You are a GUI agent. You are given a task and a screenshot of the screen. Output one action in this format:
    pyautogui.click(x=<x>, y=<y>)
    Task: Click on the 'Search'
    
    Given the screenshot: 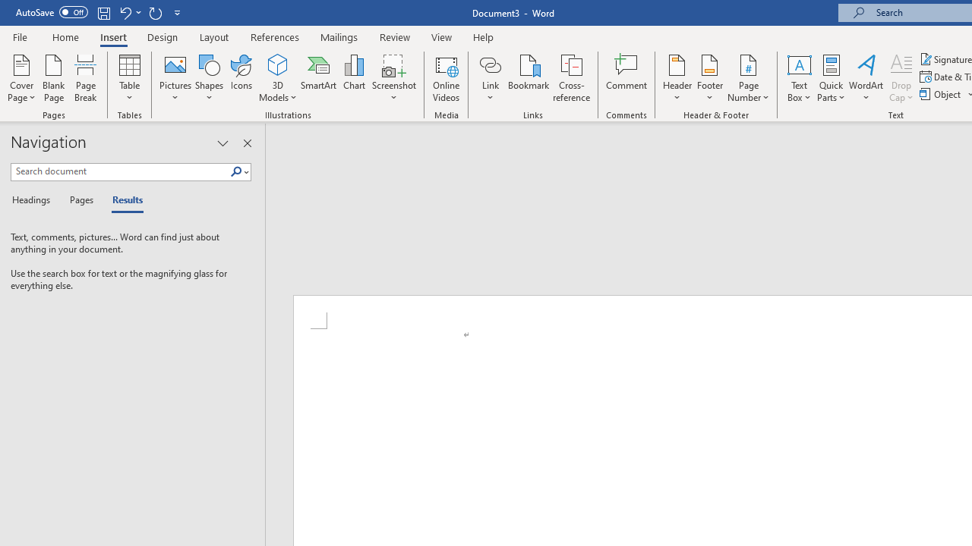 What is the action you would take?
    pyautogui.click(x=238, y=171)
    